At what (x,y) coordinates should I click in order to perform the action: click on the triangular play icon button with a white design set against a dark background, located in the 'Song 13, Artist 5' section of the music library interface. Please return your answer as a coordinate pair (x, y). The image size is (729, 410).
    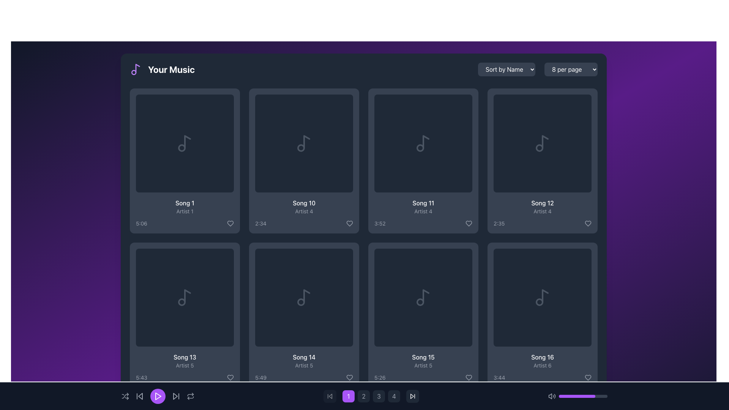
    Looking at the image, I should click on (185, 297).